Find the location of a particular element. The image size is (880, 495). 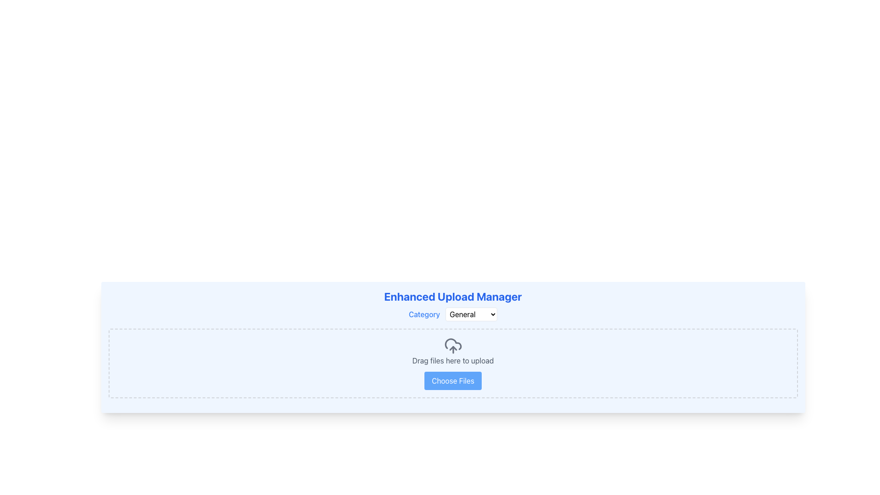

the upload icon that visually represents the action of uploading files, located centrally above the text 'Drag files here to upload' is located at coordinates (453, 346).